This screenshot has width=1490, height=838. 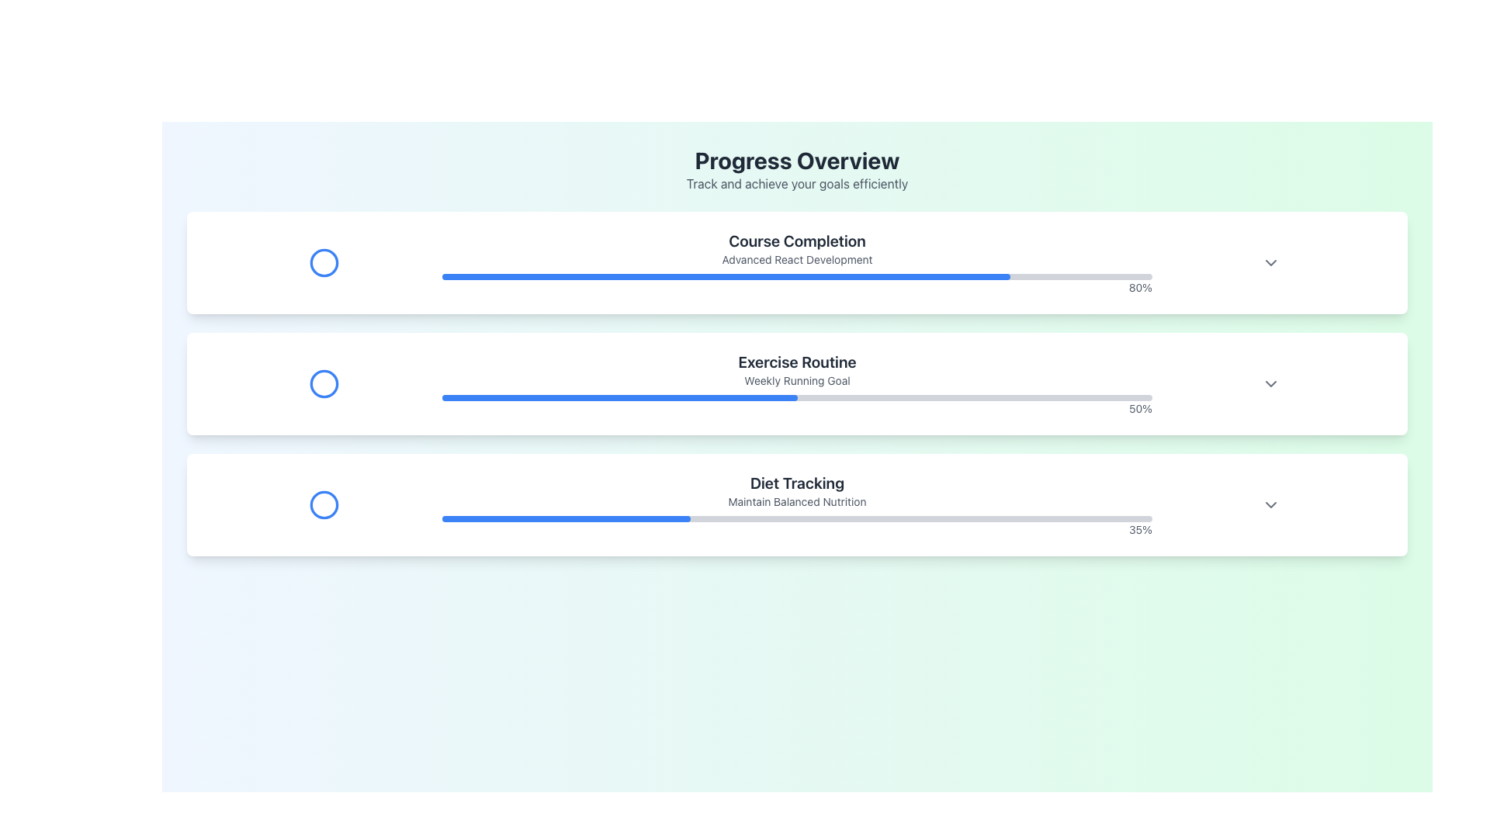 What do you see at coordinates (797, 383) in the screenshot?
I see `the Progress Tracker Card, which displays 'Exercise Routine' in bold and has a progress bar indicating '50%'` at bounding box center [797, 383].